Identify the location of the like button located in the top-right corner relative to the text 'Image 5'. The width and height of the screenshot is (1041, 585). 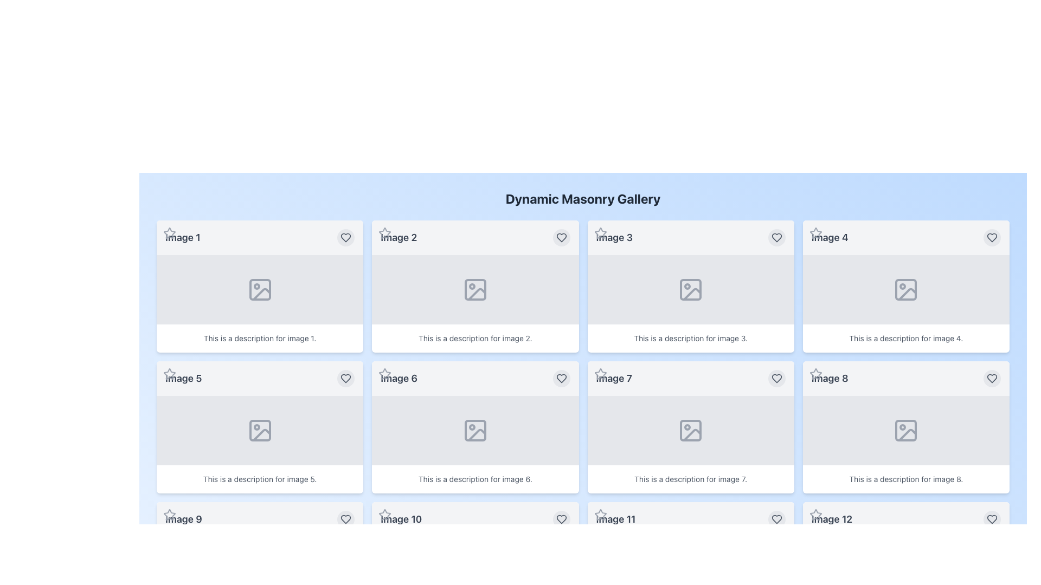
(345, 378).